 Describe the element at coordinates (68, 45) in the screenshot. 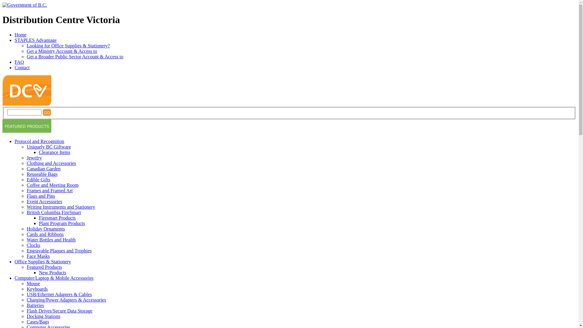

I see `'Looking for Office Supplies & Stationery?'` at that location.